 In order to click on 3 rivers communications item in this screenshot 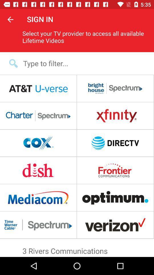, I will do `click(77, 249)`.